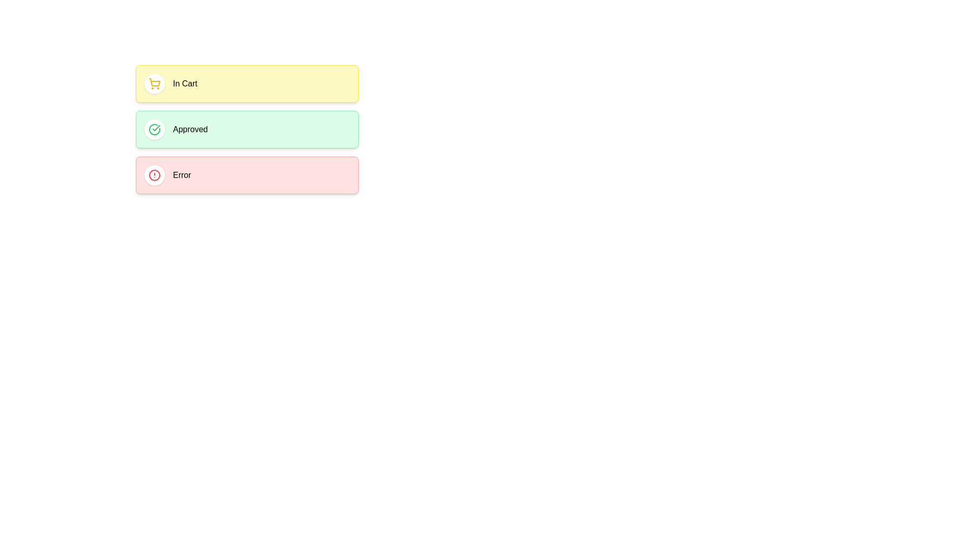 The image size is (977, 549). What do you see at coordinates (247, 129) in the screenshot?
I see `the approved status indicator block, which is the second item in a vertical list layout, positioned below the 'In Cart' element and above the 'Error' element` at bounding box center [247, 129].